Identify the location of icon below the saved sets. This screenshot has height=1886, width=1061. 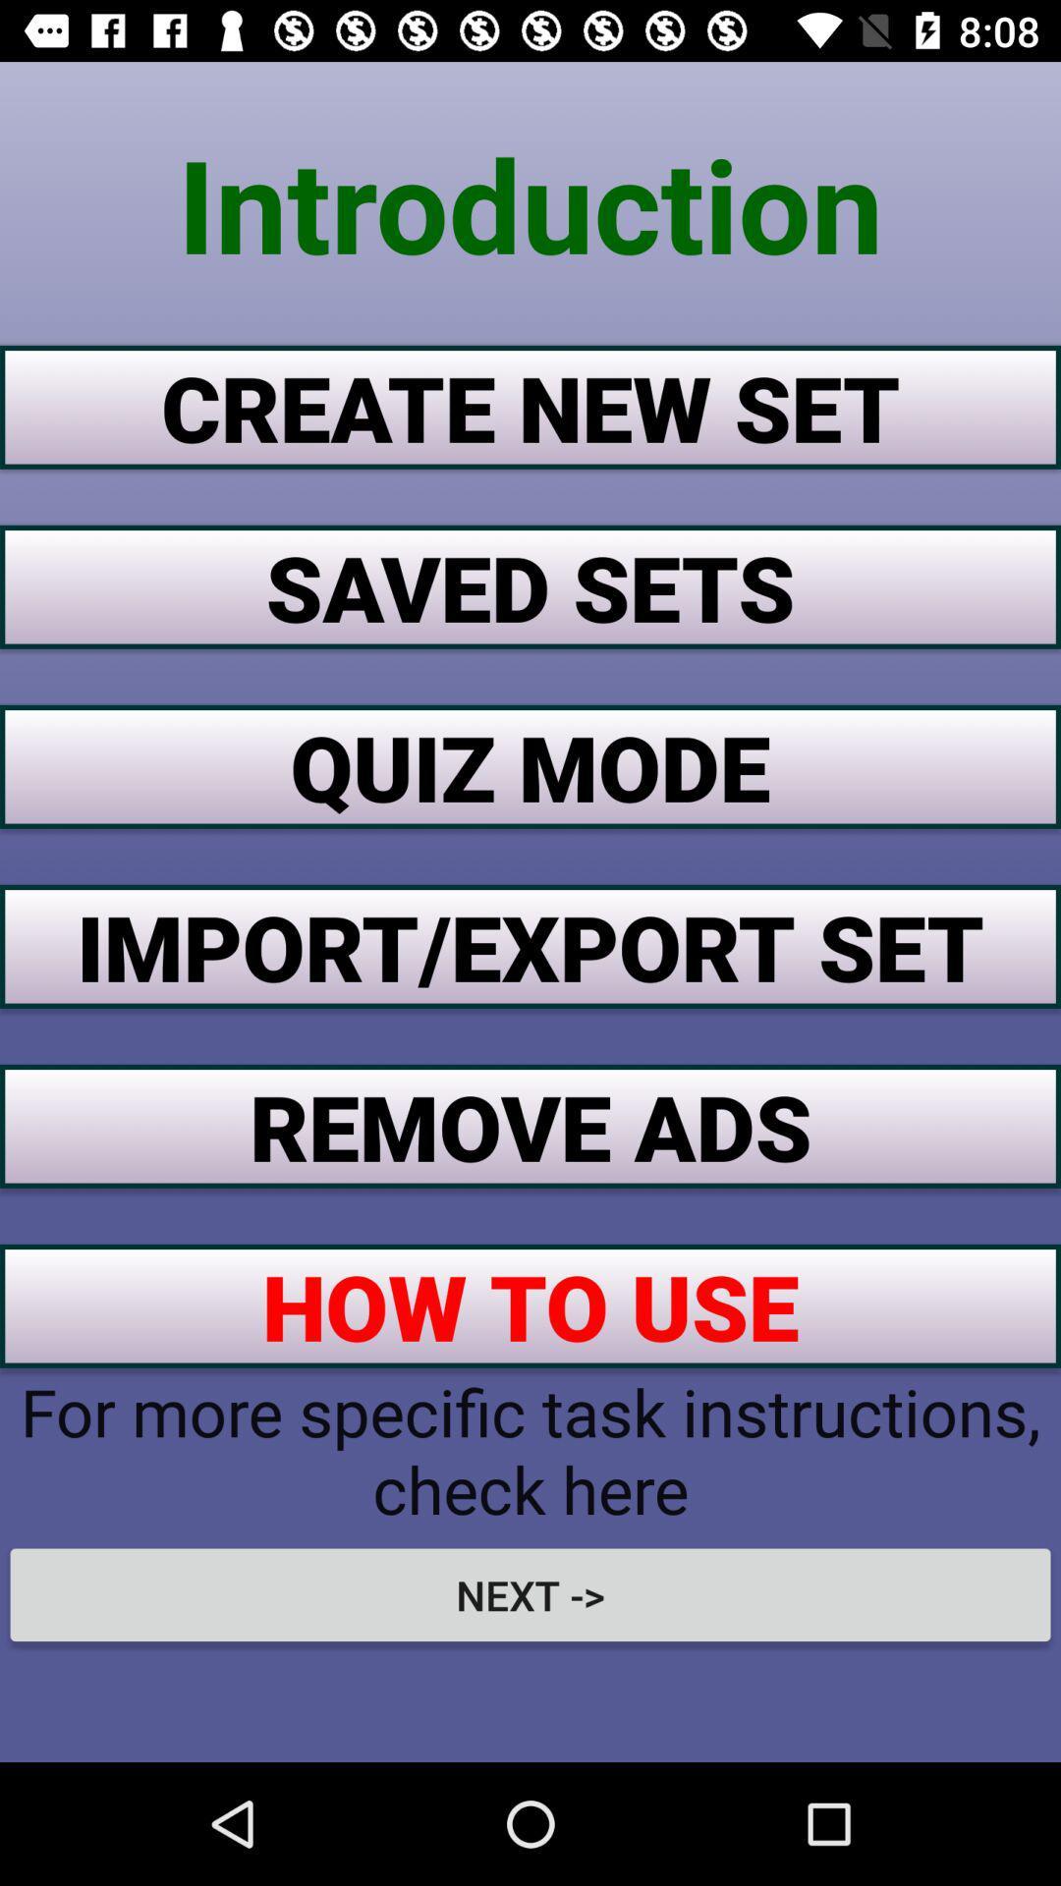
(530, 765).